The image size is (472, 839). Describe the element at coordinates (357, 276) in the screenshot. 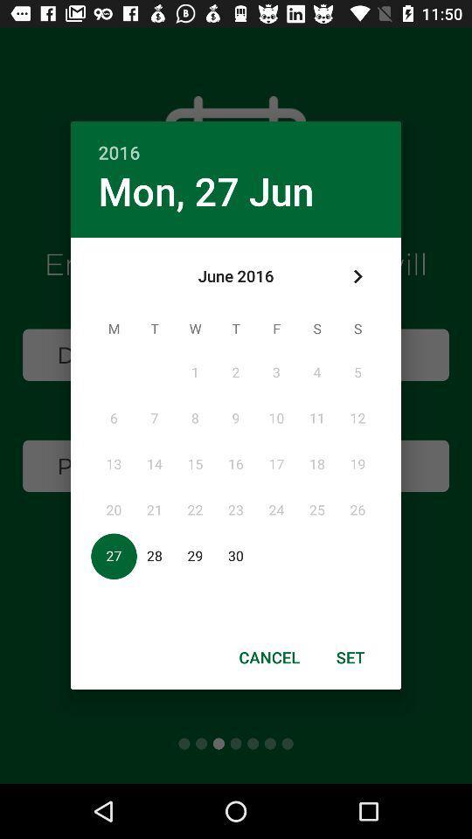

I see `icon above set item` at that location.